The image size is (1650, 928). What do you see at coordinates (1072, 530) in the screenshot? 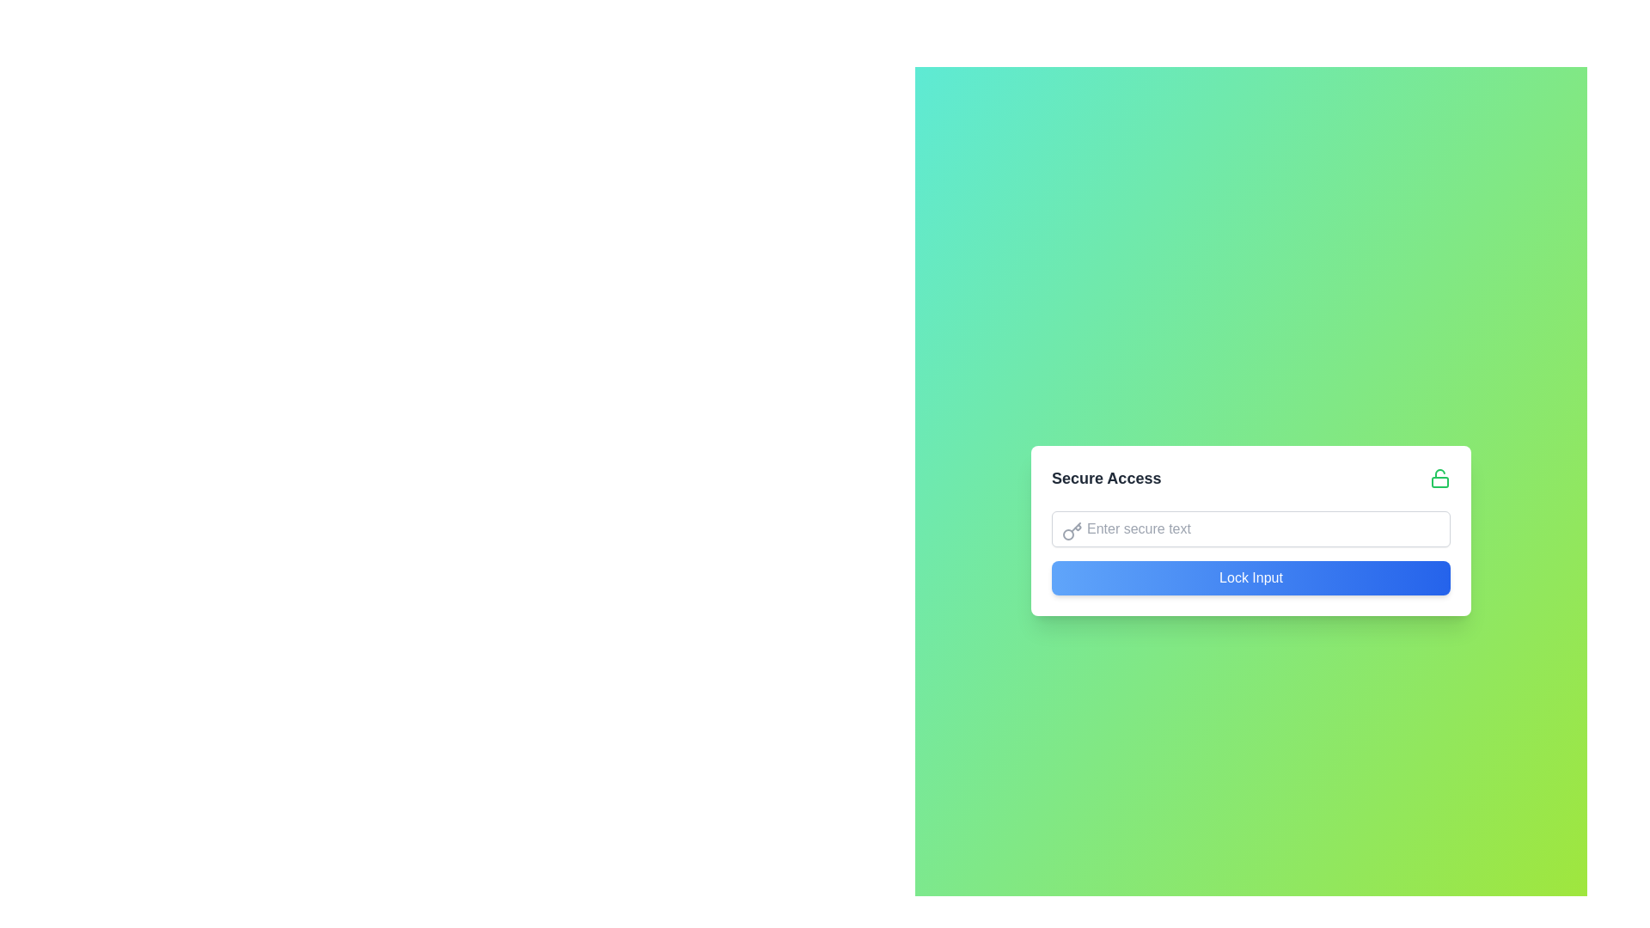
I see `the key icon located on the left side of the text input field within the 'Secure Access' form` at bounding box center [1072, 530].